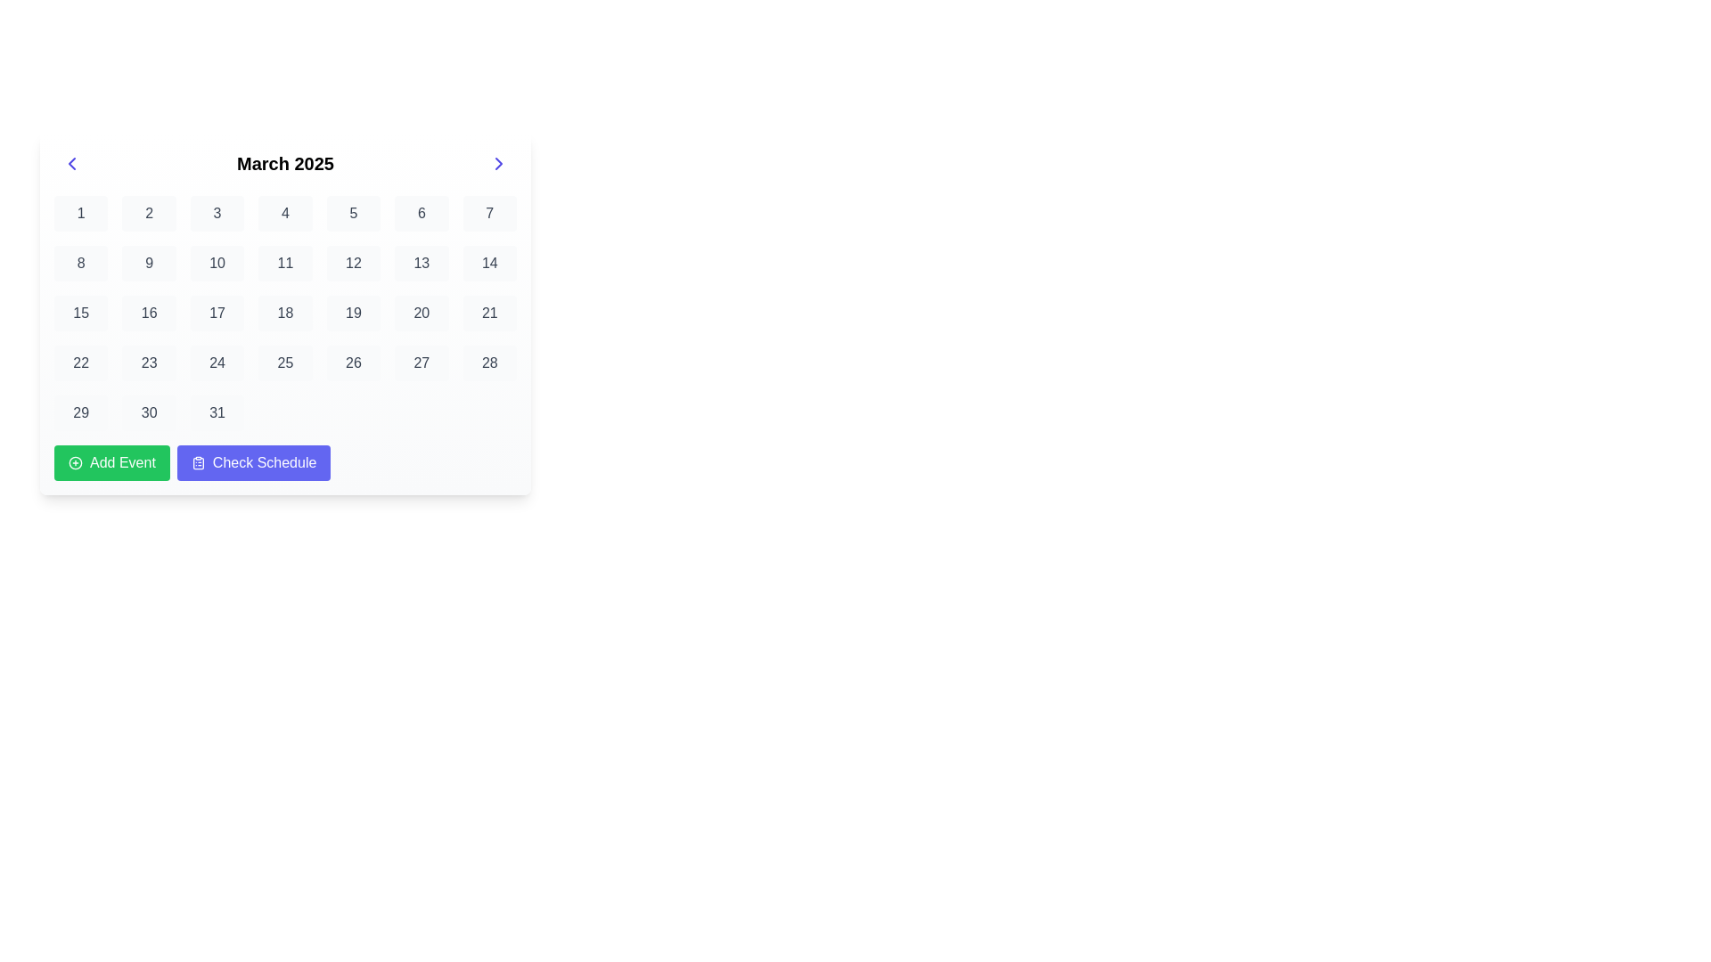  Describe the element at coordinates (353, 264) in the screenshot. I see `the calendar date cell displaying the number '12' in the March 2025 calendar grid, which is styled with a light gray background and rounded corners` at that location.